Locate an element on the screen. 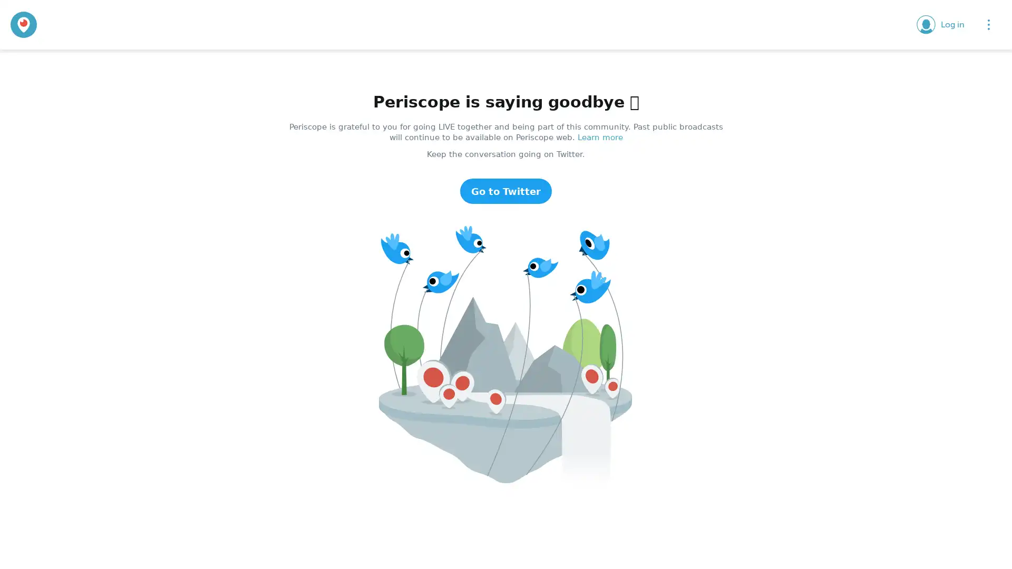  Go to Twitter is located at coordinates (506, 191).